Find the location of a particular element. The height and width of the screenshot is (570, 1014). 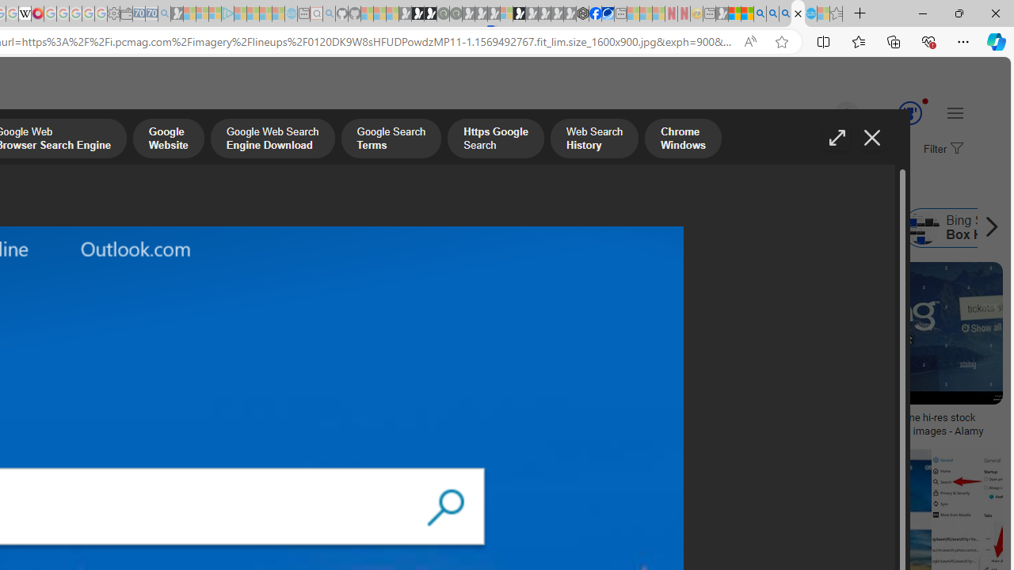

'Full screen' is located at coordinates (836, 137).